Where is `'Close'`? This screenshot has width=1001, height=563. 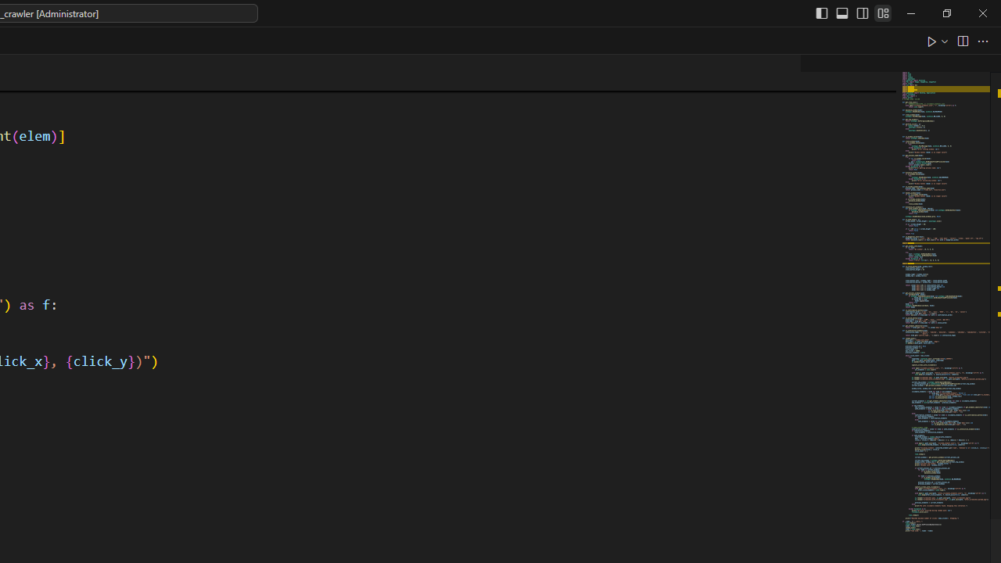
'Close' is located at coordinates (981, 13).